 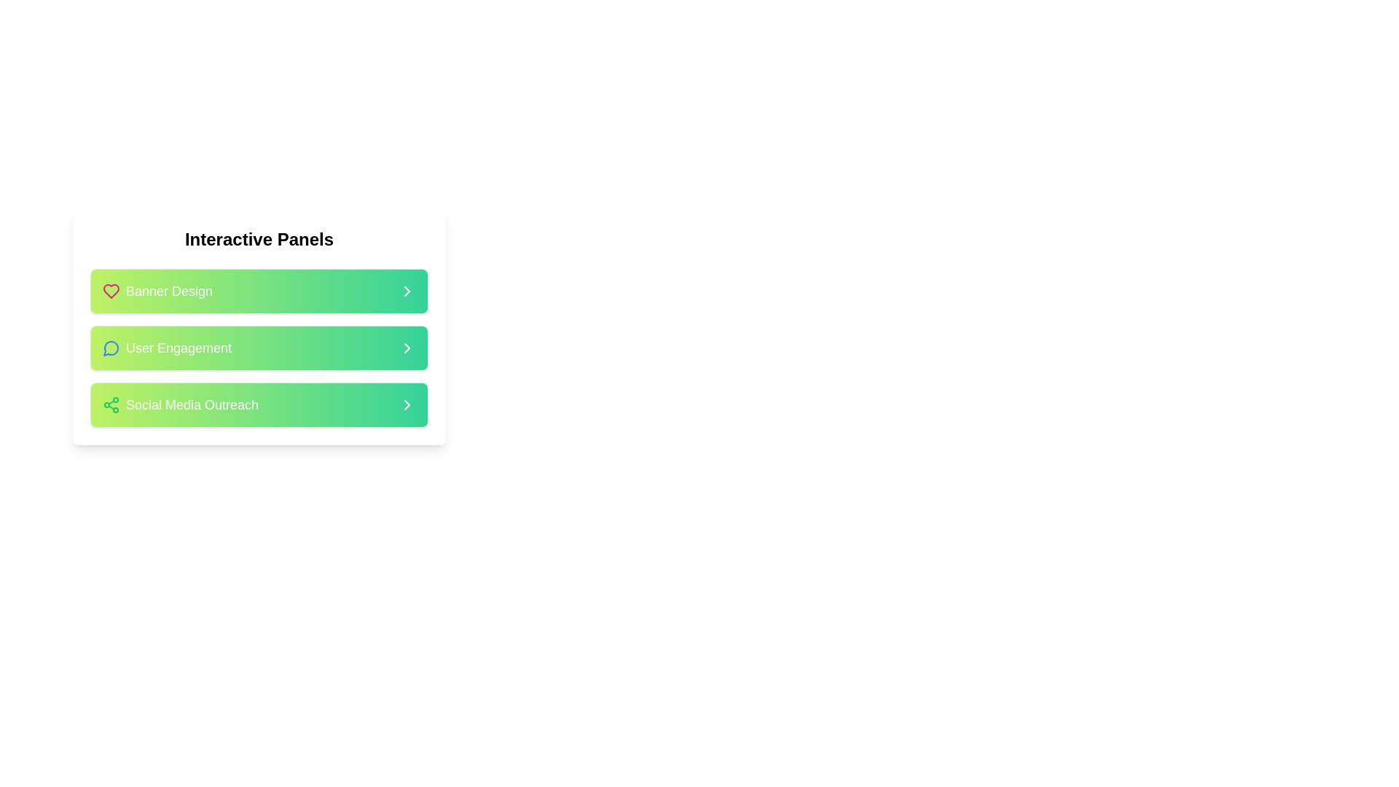 What do you see at coordinates (192, 404) in the screenshot?
I see `text from the Text Label element labeled 'Social Media Outreach', which is styled with white text on a green gradient background, located in a vertical list of buttons beneath 'User Engagement'` at bounding box center [192, 404].